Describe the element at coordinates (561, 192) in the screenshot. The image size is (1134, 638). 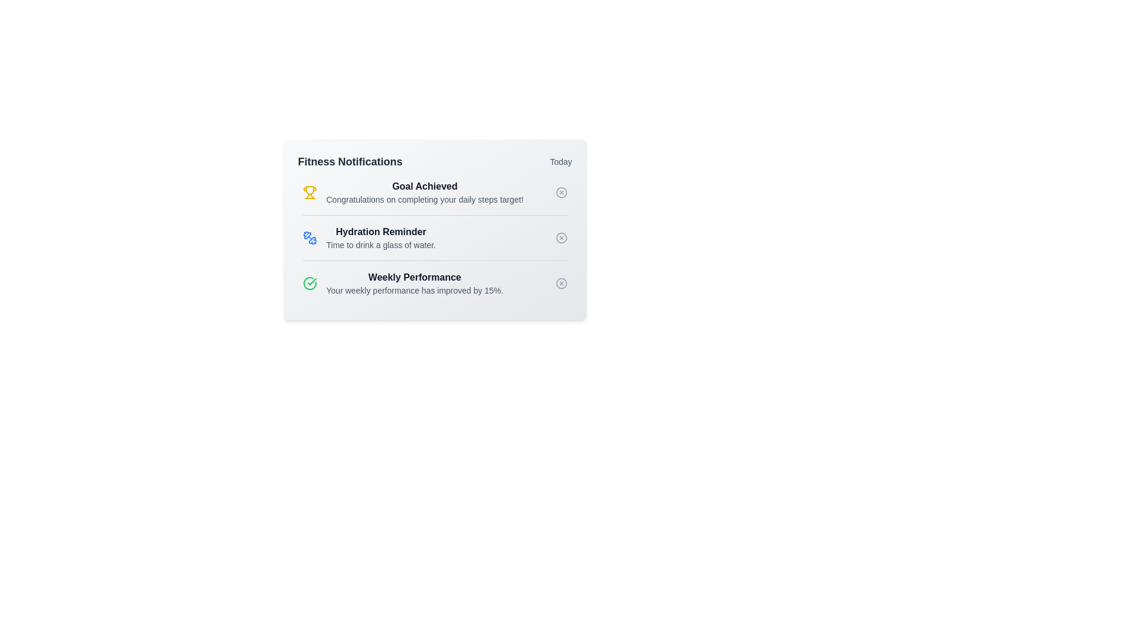
I see `the first Circle (SVG Element) in the top right corner of the first notification item in the list` at that location.